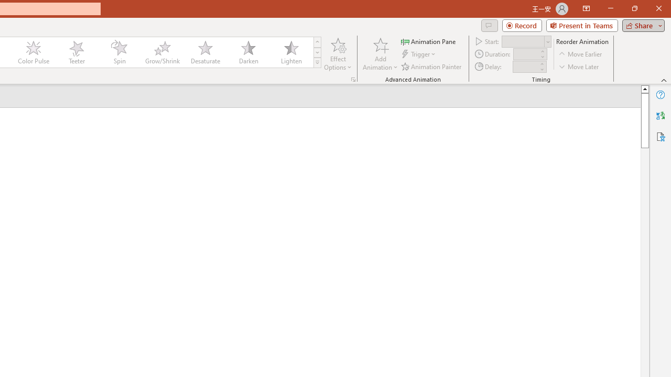 Image resolution: width=671 pixels, height=377 pixels. I want to click on 'Minimize', so click(610, 8).